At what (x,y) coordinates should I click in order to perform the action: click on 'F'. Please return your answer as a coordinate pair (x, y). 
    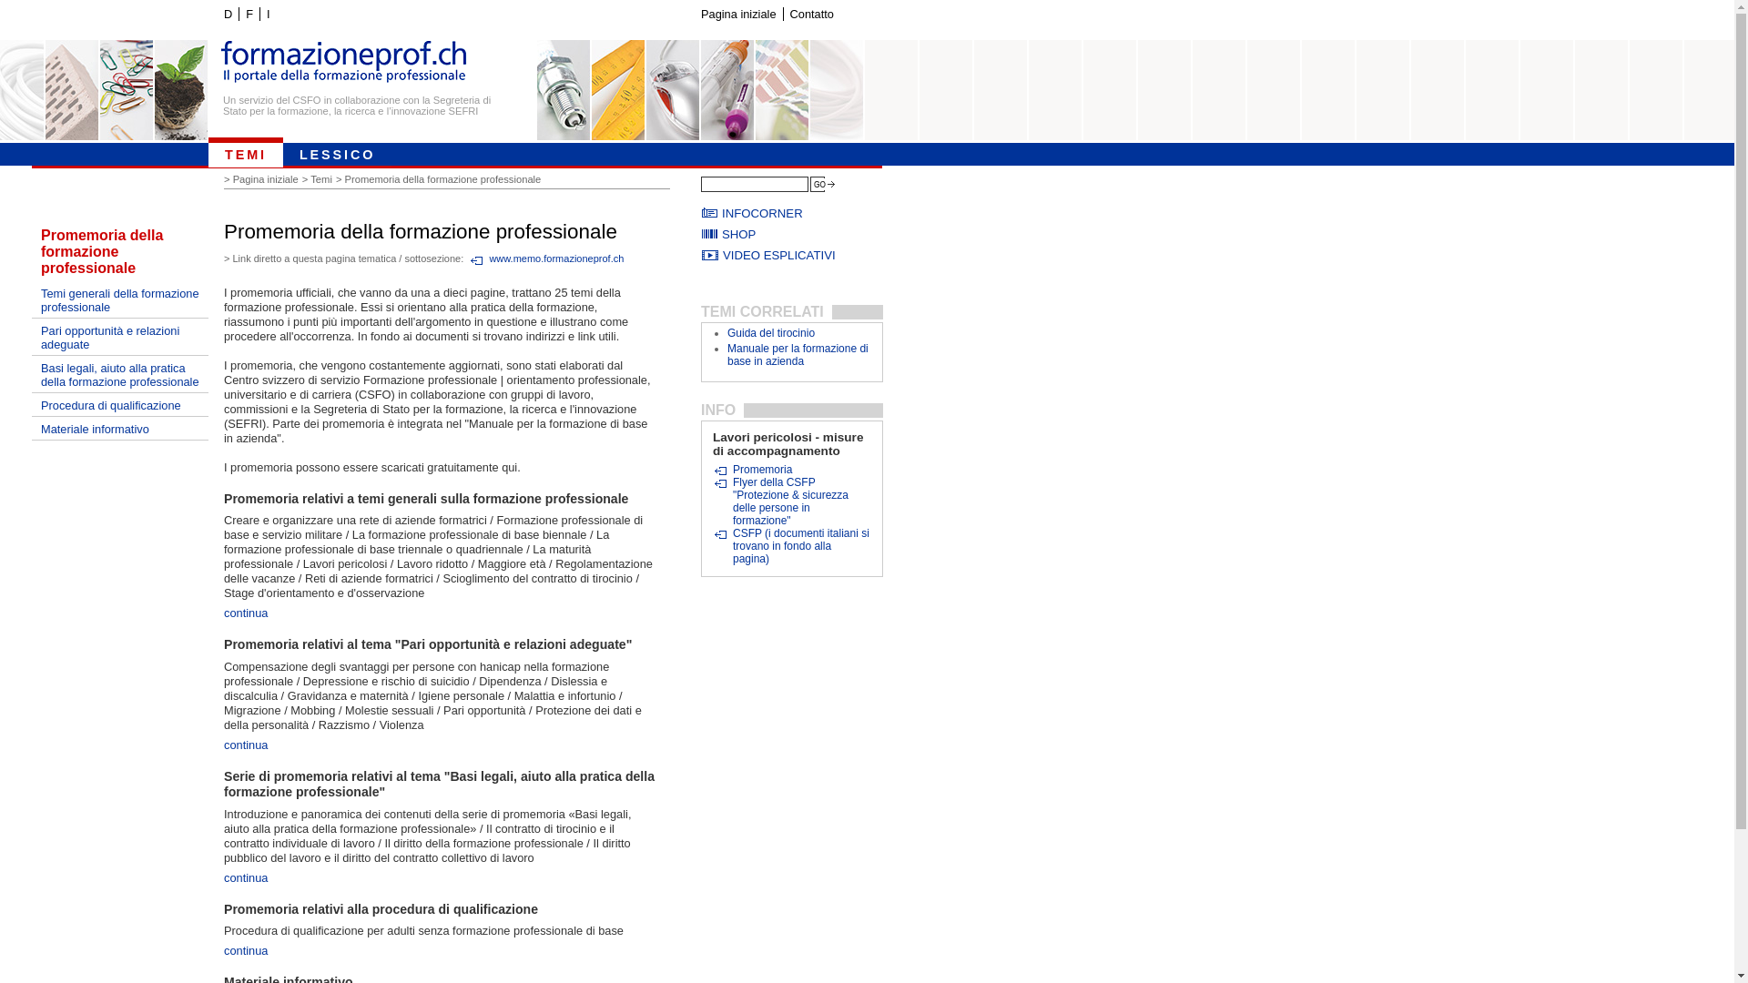
    Looking at the image, I should click on (248, 14).